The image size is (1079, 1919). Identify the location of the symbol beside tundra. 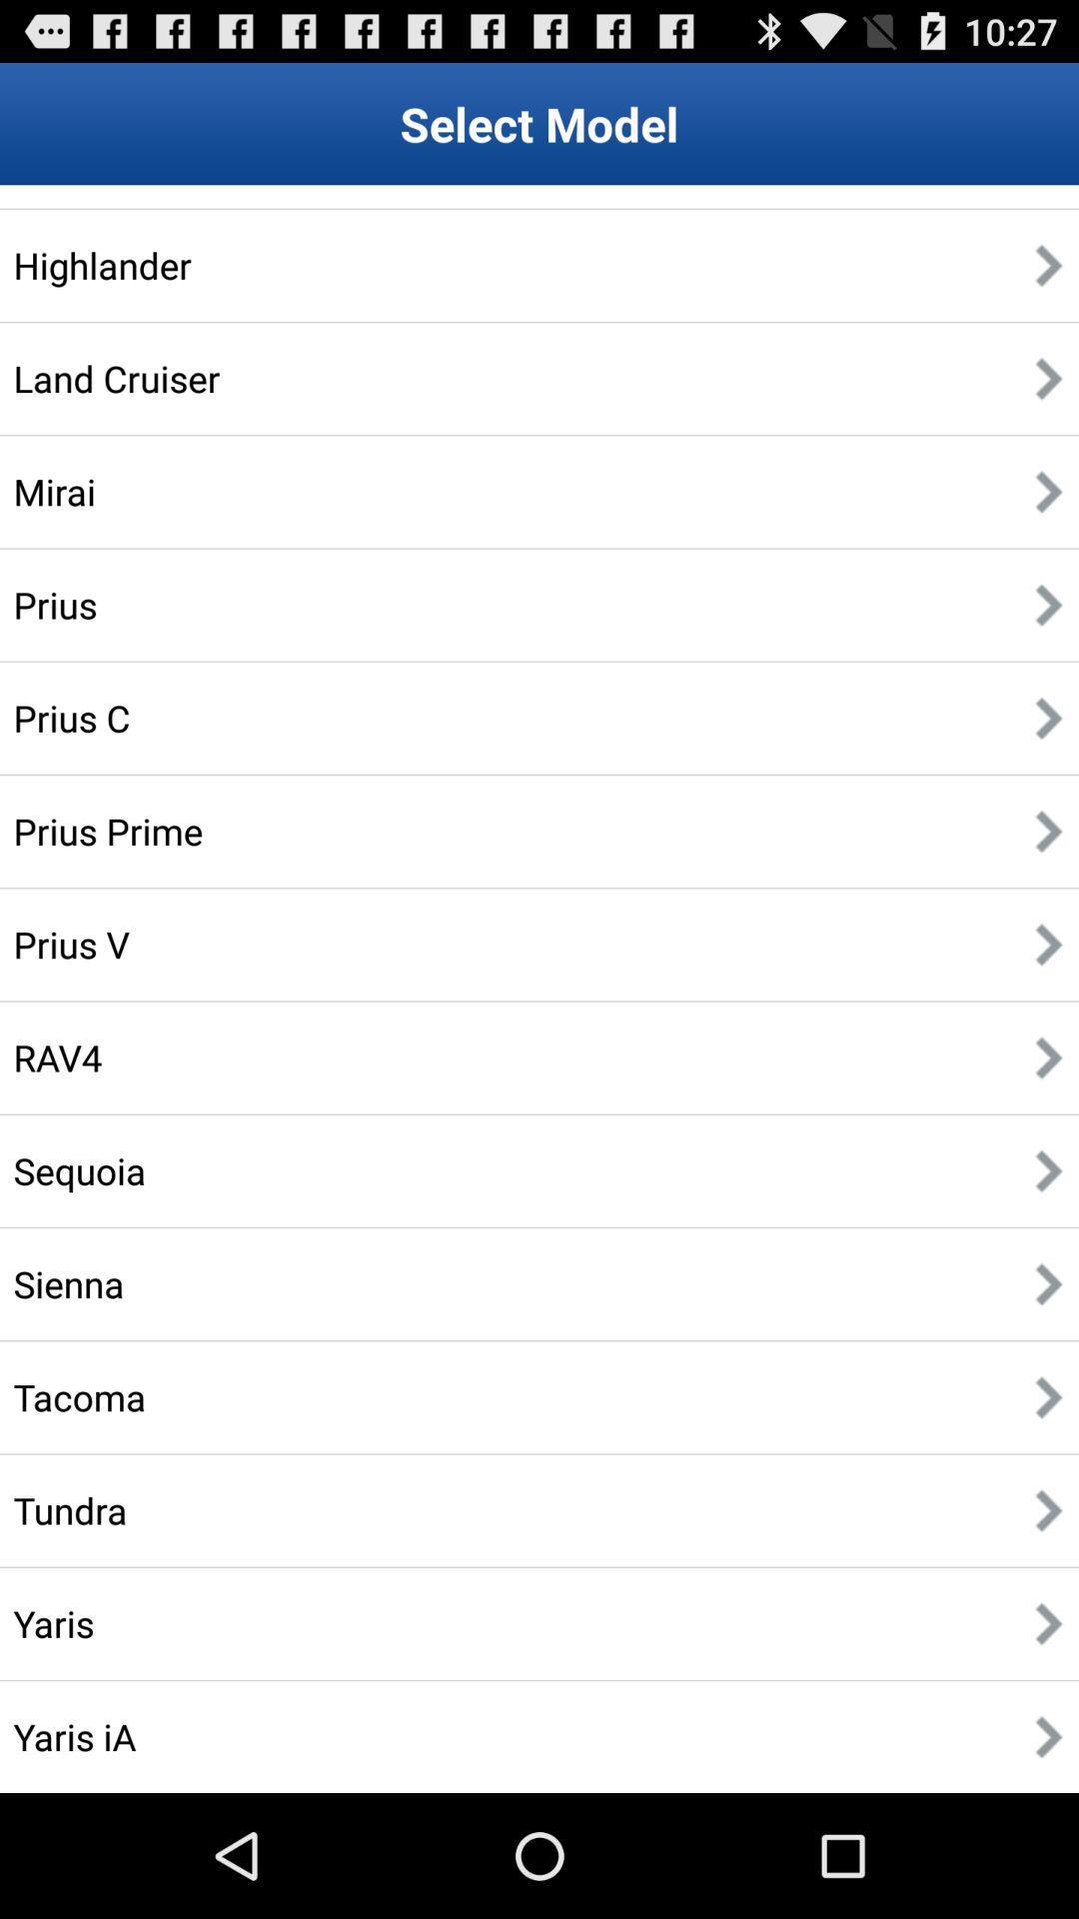
(1048, 1510).